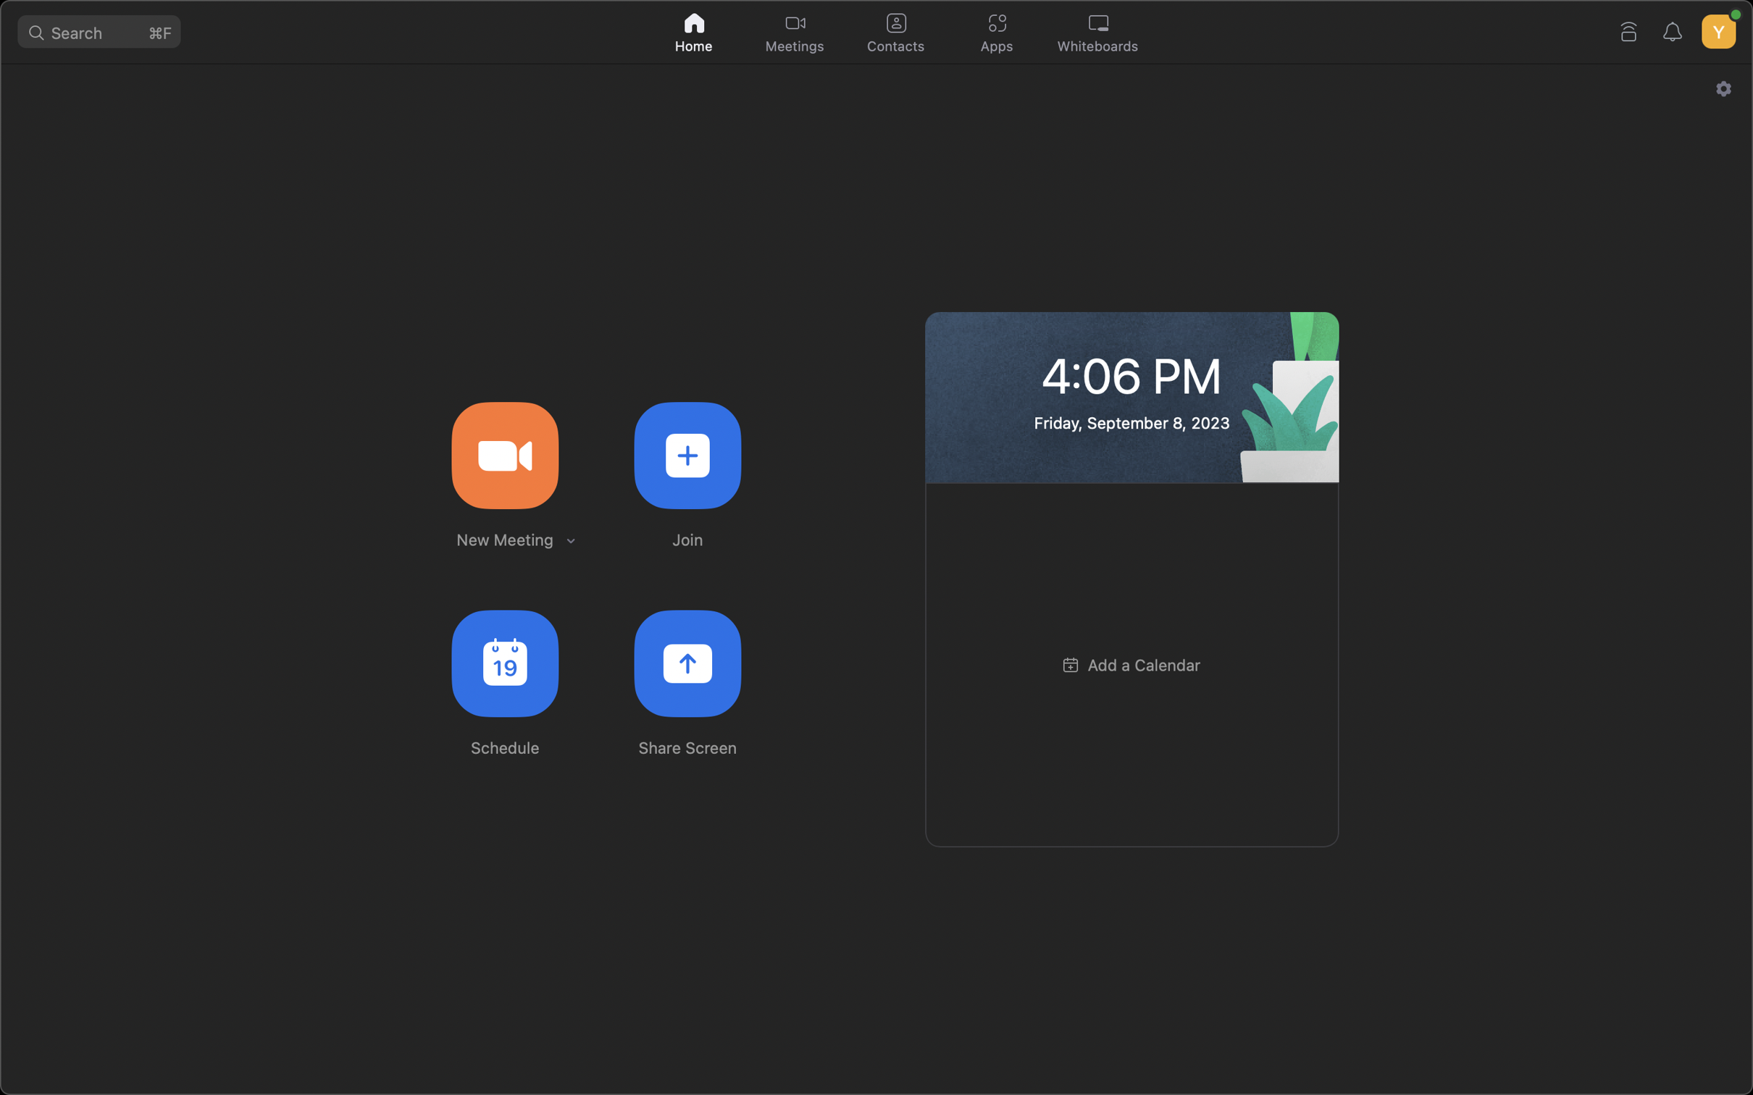 The height and width of the screenshot is (1095, 1753). Describe the element at coordinates (695, 30) in the screenshot. I see `the "home" button to go back to the main interface` at that location.